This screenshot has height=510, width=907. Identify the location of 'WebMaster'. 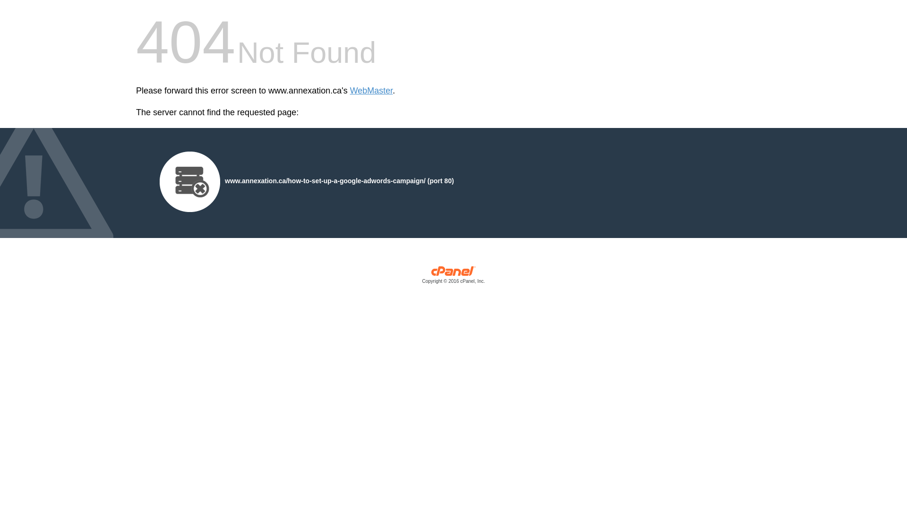
(371, 91).